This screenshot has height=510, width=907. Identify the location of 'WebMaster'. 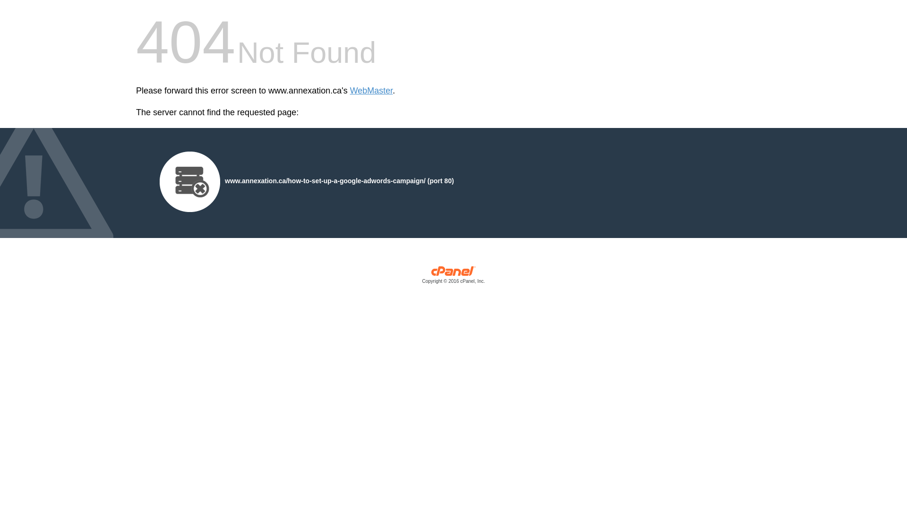
(371, 91).